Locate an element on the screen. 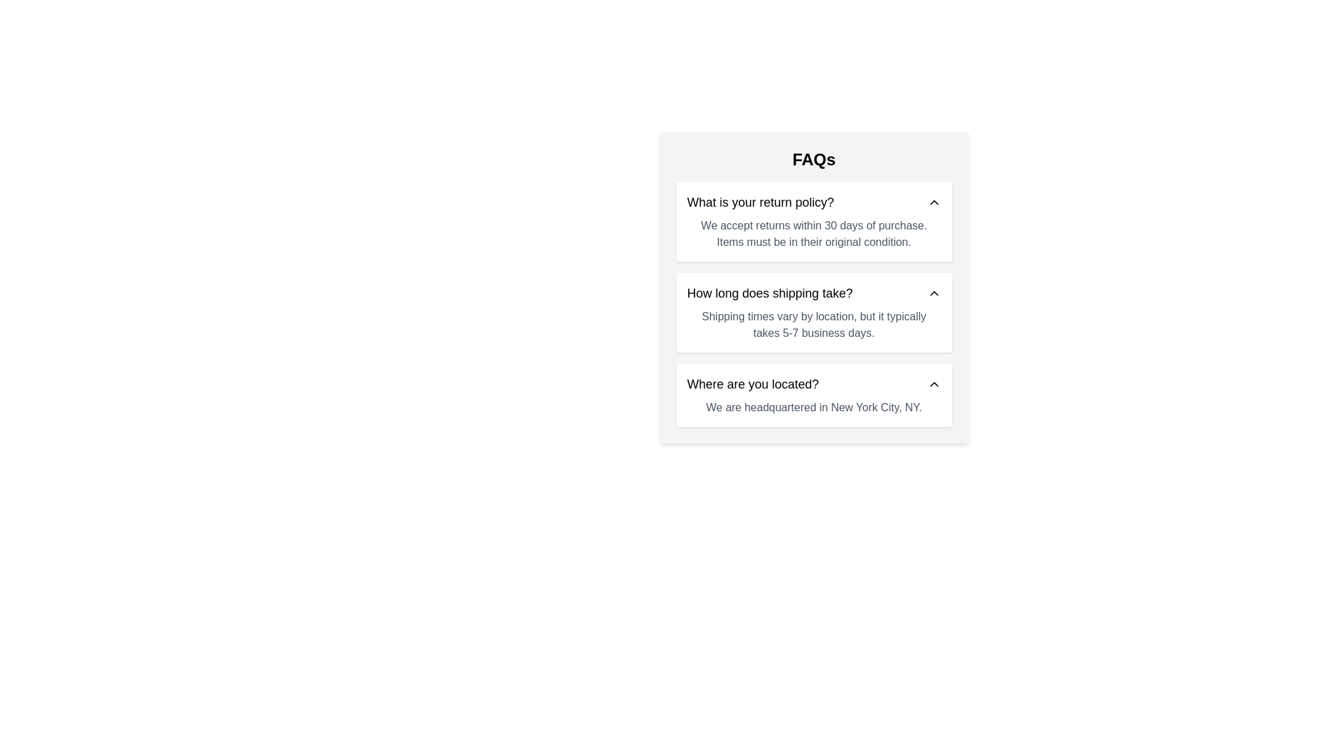 This screenshot has height=744, width=1324. the Collapsible FAQ item about the return policy, which is the first item in the FAQ list, featuring a question in bold text and an expandable chevron icon is located at coordinates (814, 220).